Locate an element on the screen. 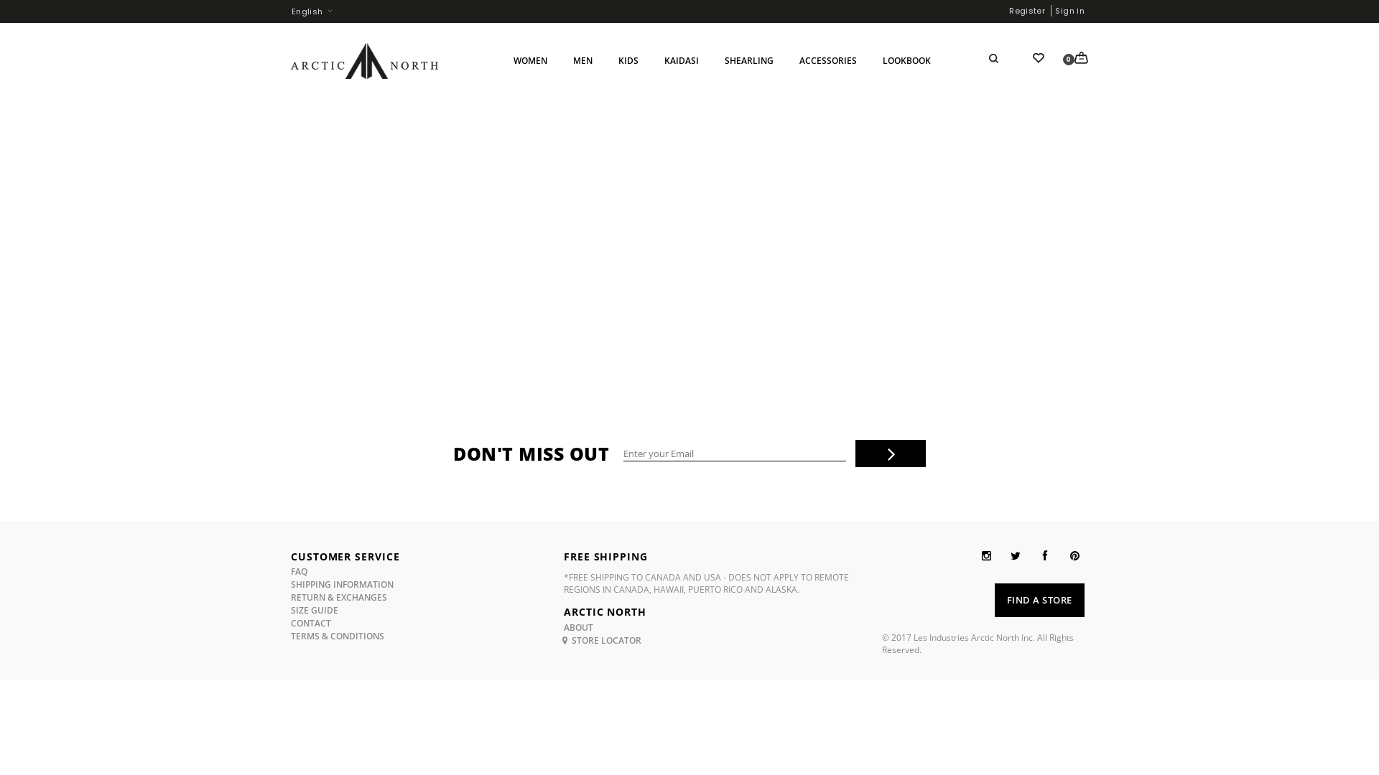 The height and width of the screenshot is (775, 1379). 'FIND A STORE' is located at coordinates (1039, 600).